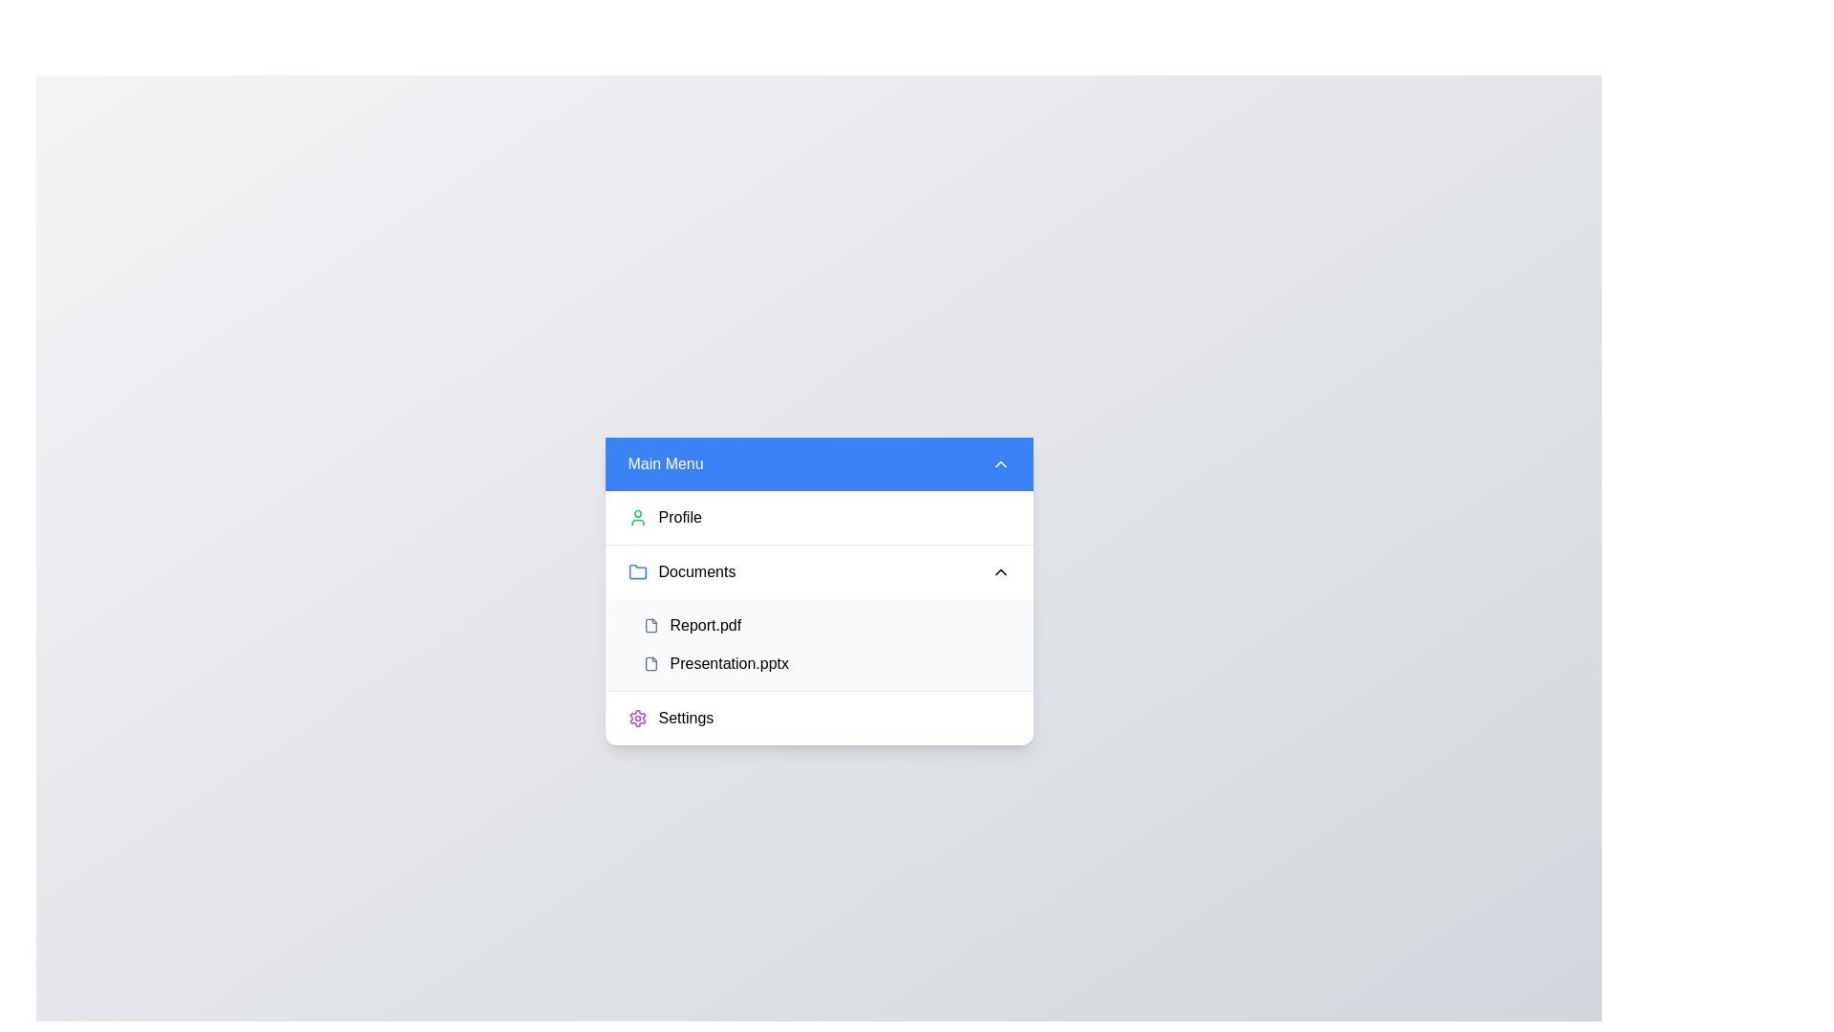 This screenshot has height=1032, width=1834. Describe the element at coordinates (999, 570) in the screenshot. I see `the collapsible indicator button located next to the 'Documents' entry` at that location.